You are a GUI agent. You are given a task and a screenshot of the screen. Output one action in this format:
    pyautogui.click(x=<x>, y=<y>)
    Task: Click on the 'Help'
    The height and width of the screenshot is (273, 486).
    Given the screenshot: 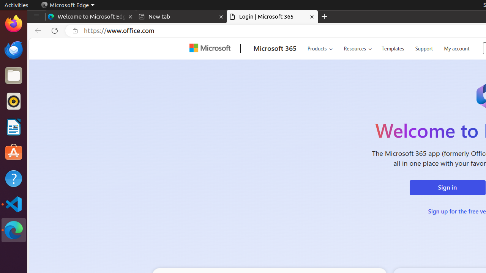 What is the action you would take?
    pyautogui.click(x=13, y=179)
    